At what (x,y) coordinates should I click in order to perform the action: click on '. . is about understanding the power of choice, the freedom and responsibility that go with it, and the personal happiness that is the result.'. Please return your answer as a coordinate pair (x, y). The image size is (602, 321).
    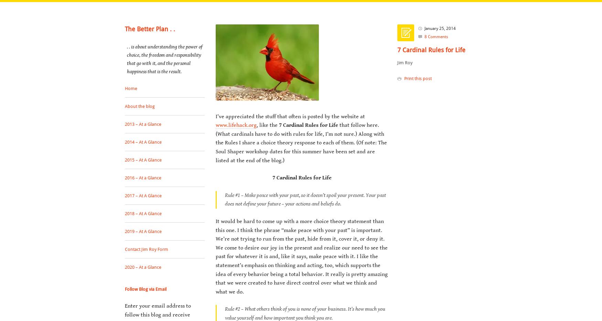
    Looking at the image, I should click on (127, 59).